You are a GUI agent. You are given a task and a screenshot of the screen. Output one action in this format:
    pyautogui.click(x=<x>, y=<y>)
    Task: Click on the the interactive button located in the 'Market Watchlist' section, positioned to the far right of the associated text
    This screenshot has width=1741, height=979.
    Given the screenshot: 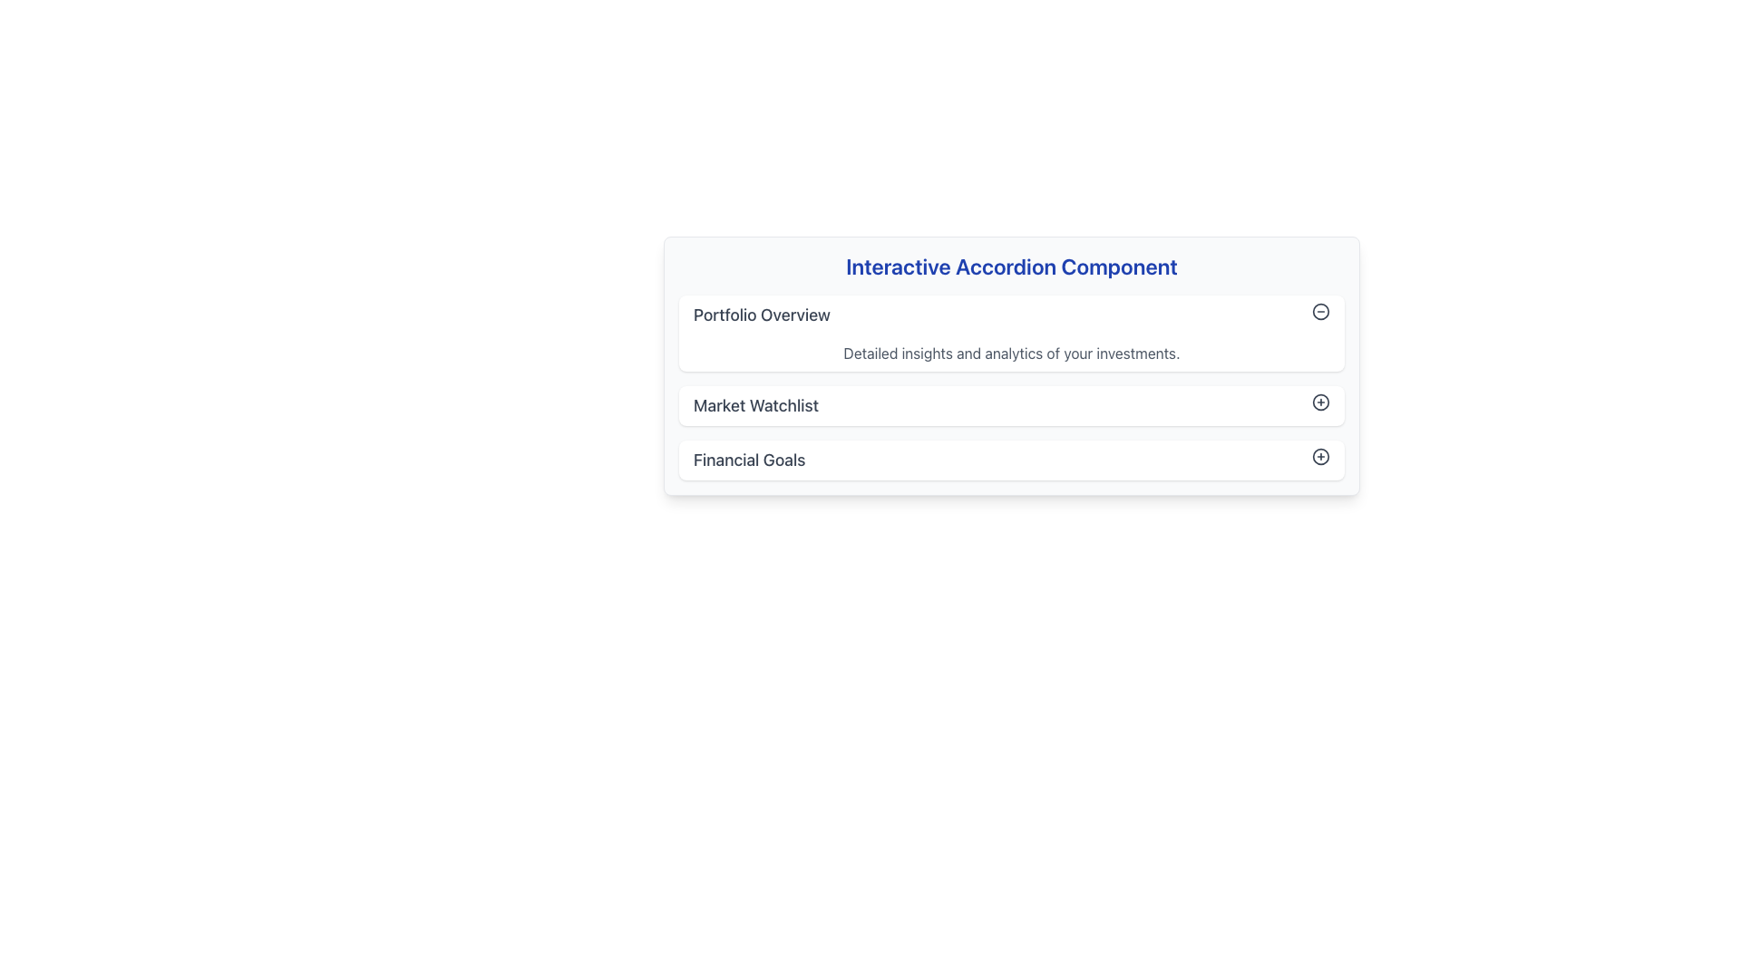 What is the action you would take?
    pyautogui.click(x=1321, y=401)
    